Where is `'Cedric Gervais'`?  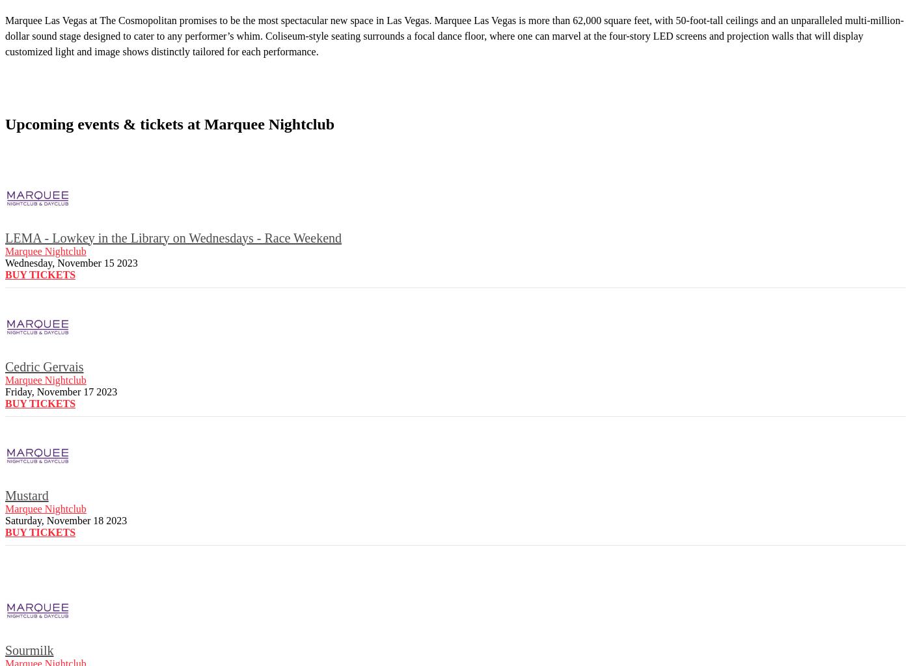 'Cedric Gervais' is located at coordinates (44, 365).